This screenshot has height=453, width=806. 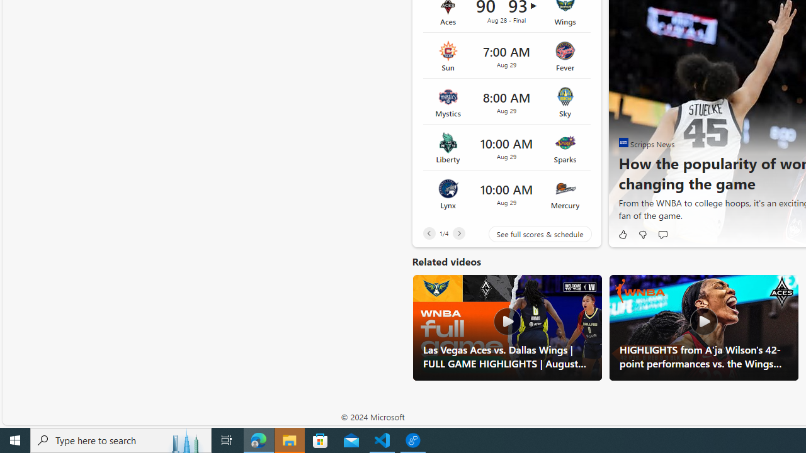 I want to click on 'Like', so click(x=622, y=234).